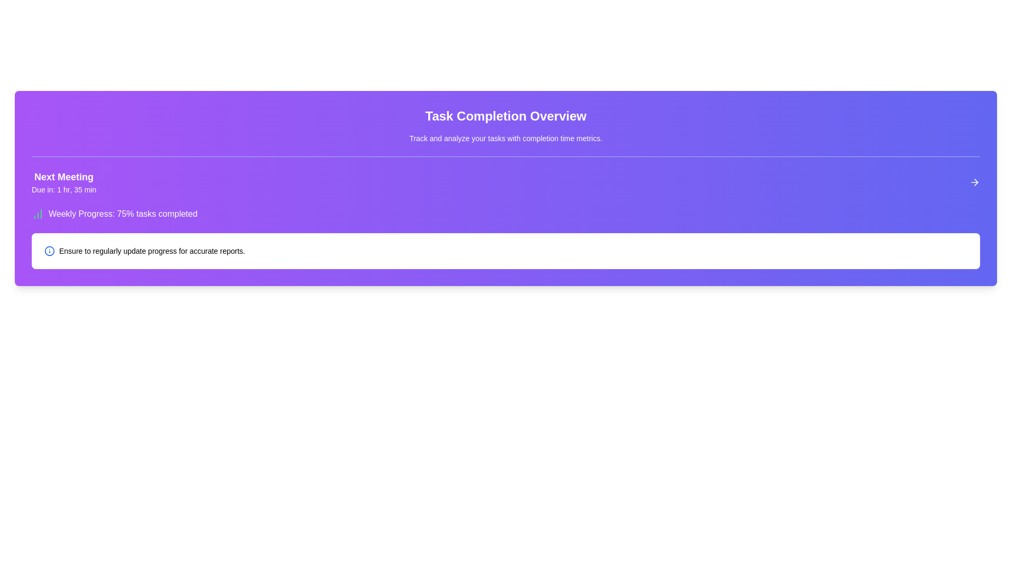 Image resolution: width=1015 pixels, height=571 pixels. I want to click on the Text Label that provides guidance about keeping progress updated, located inside a white rounded box at the bottom of the purple card, to the right of an information icon, so click(151, 251).